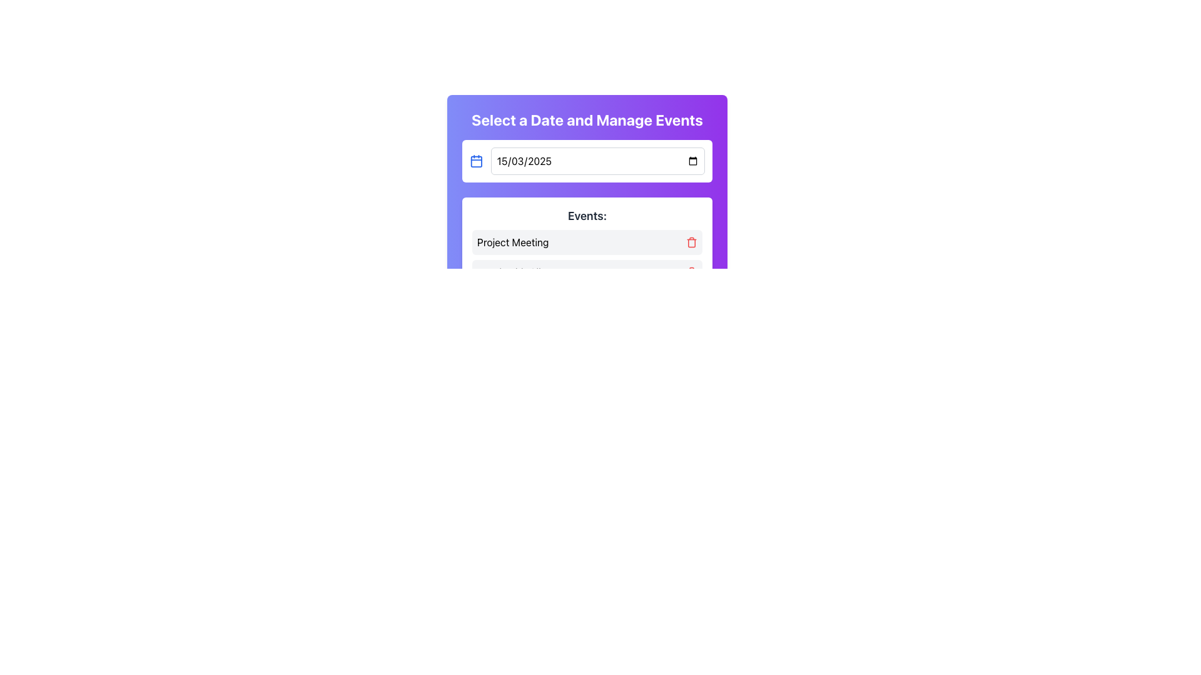 This screenshot has width=1201, height=675. Describe the element at coordinates (587, 271) in the screenshot. I see `the list item labeled 'Lunch with Client', which has a light gray background and a red icon` at that location.